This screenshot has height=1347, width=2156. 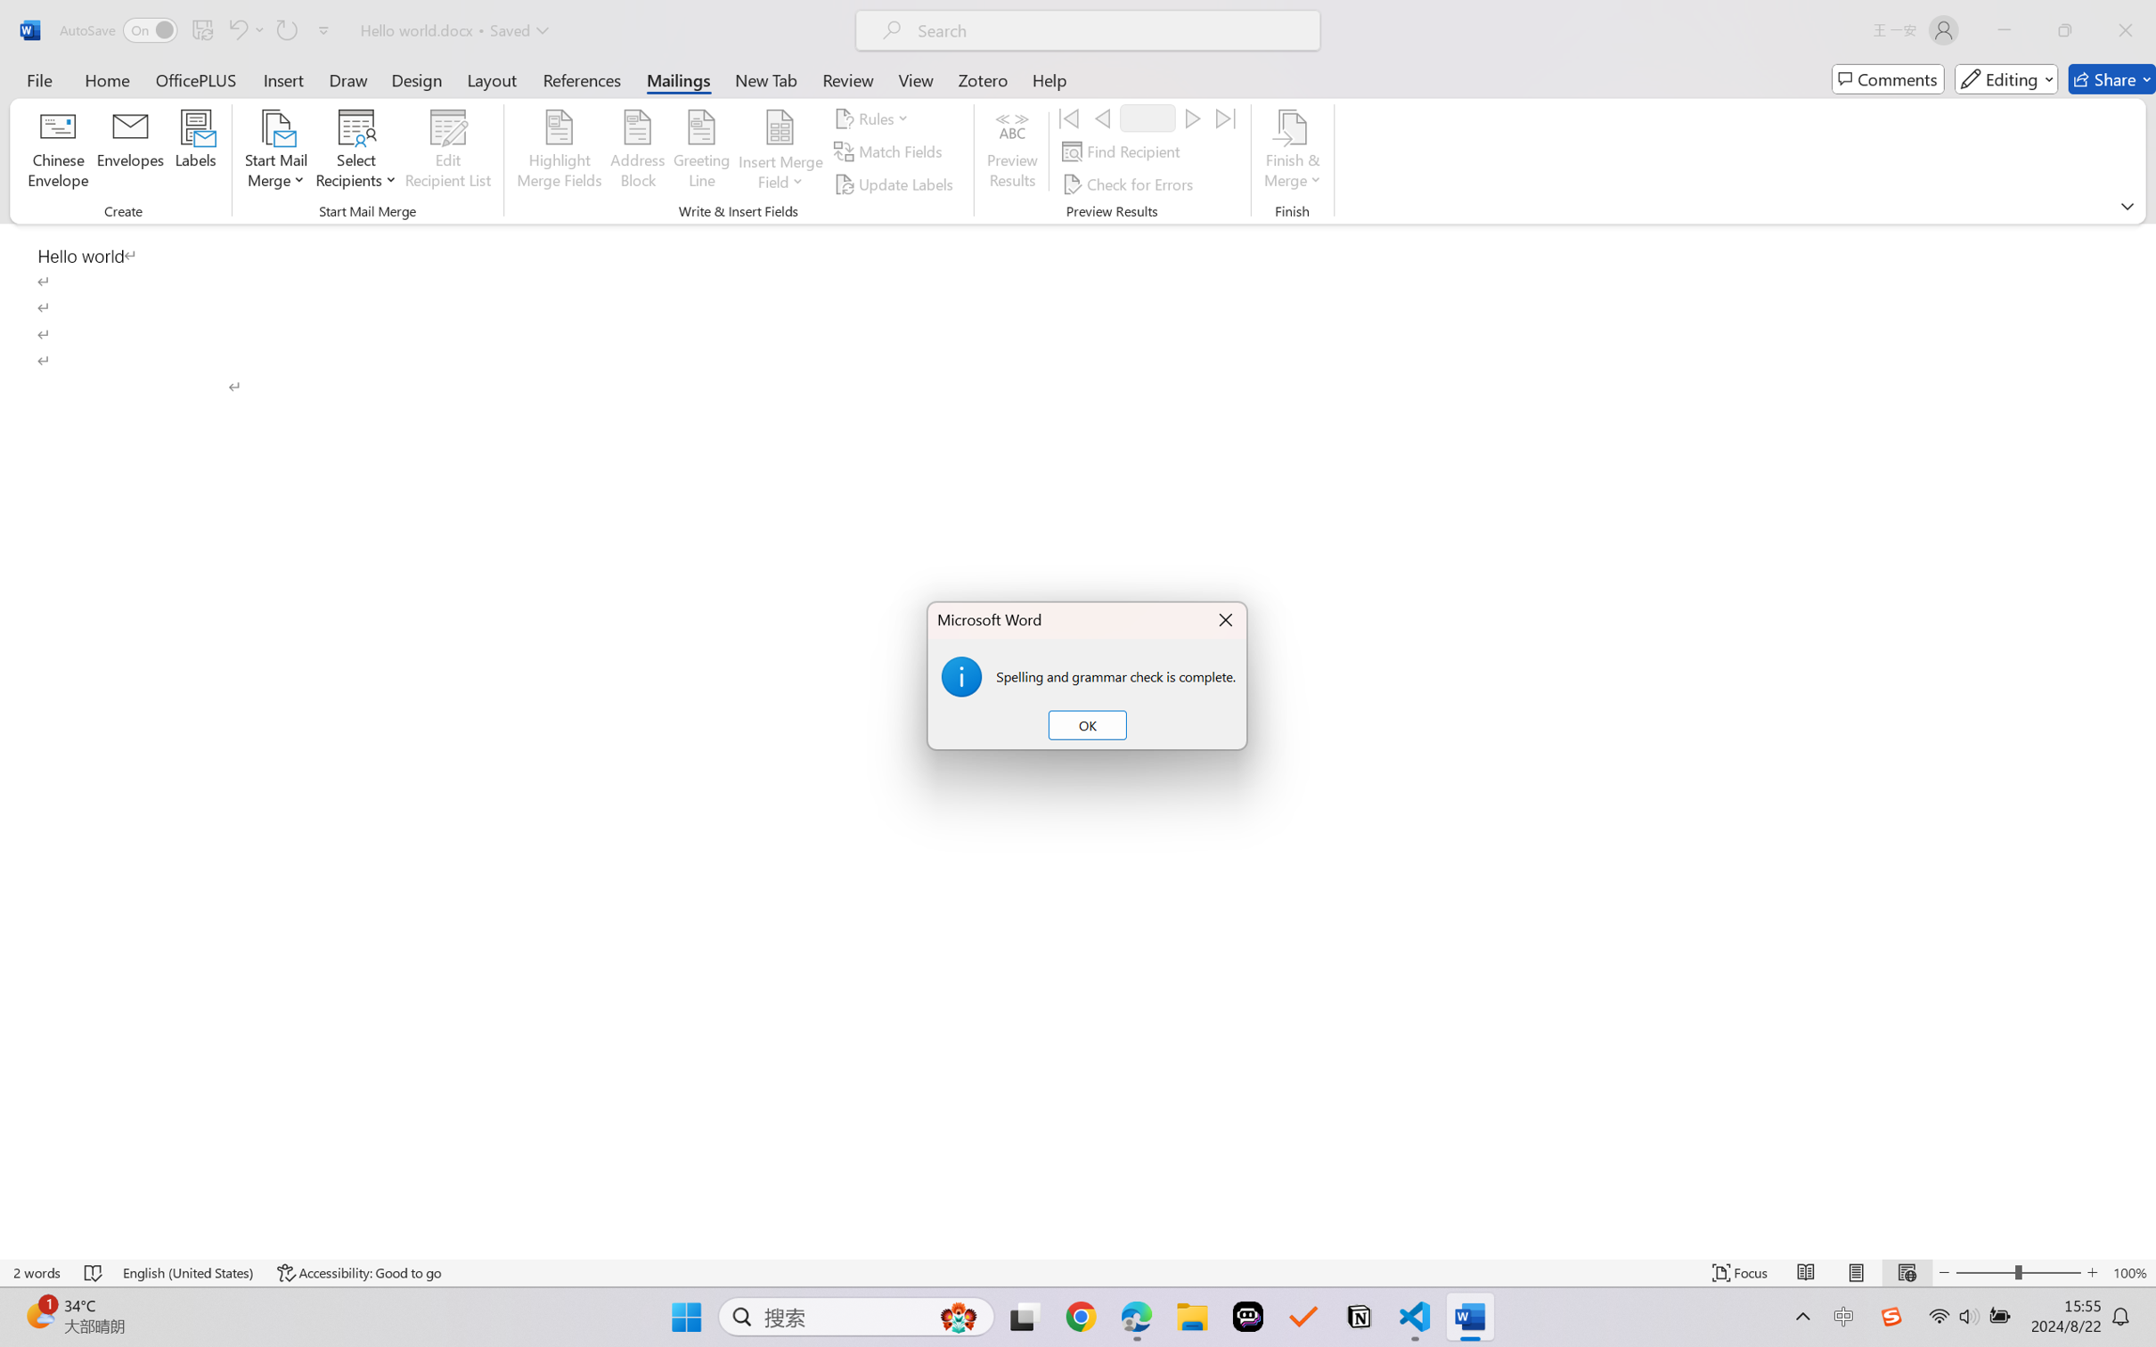 I want to click on 'Insert', so click(x=282, y=78).